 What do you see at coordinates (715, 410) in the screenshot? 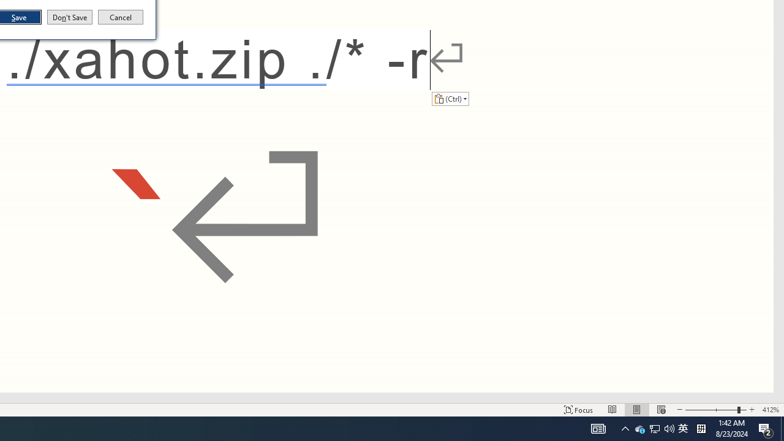
I see `'Zoom'` at bounding box center [715, 410].